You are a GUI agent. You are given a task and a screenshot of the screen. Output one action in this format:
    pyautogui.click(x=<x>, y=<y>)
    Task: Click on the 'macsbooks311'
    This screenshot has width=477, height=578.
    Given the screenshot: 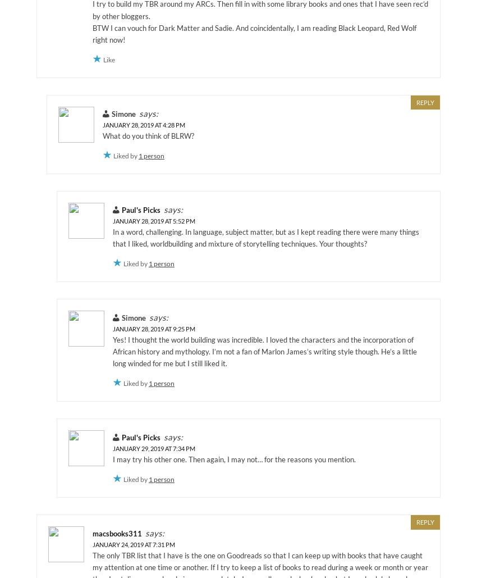 What is the action you would take?
    pyautogui.click(x=92, y=533)
    